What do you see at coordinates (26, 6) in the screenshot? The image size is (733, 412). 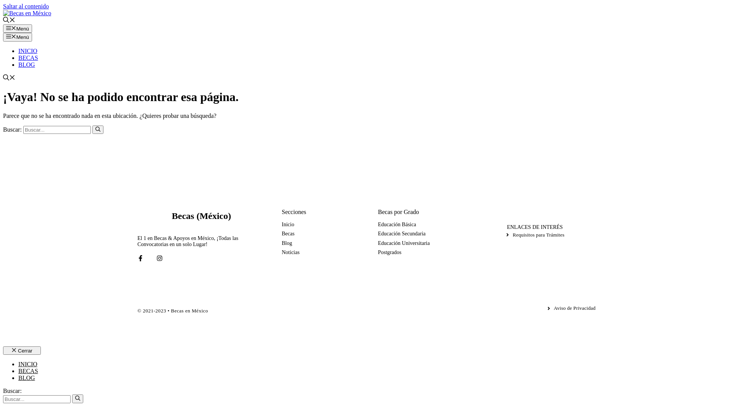 I see `'Saltar al contenido'` at bounding box center [26, 6].